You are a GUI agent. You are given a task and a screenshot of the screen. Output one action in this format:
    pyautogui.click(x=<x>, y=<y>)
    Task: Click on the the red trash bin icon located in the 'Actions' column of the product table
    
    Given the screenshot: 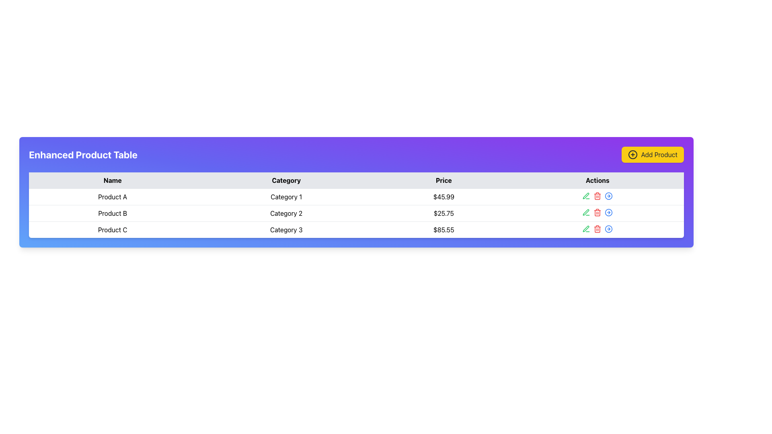 What is the action you would take?
    pyautogui.click(x=597, y=196)
    